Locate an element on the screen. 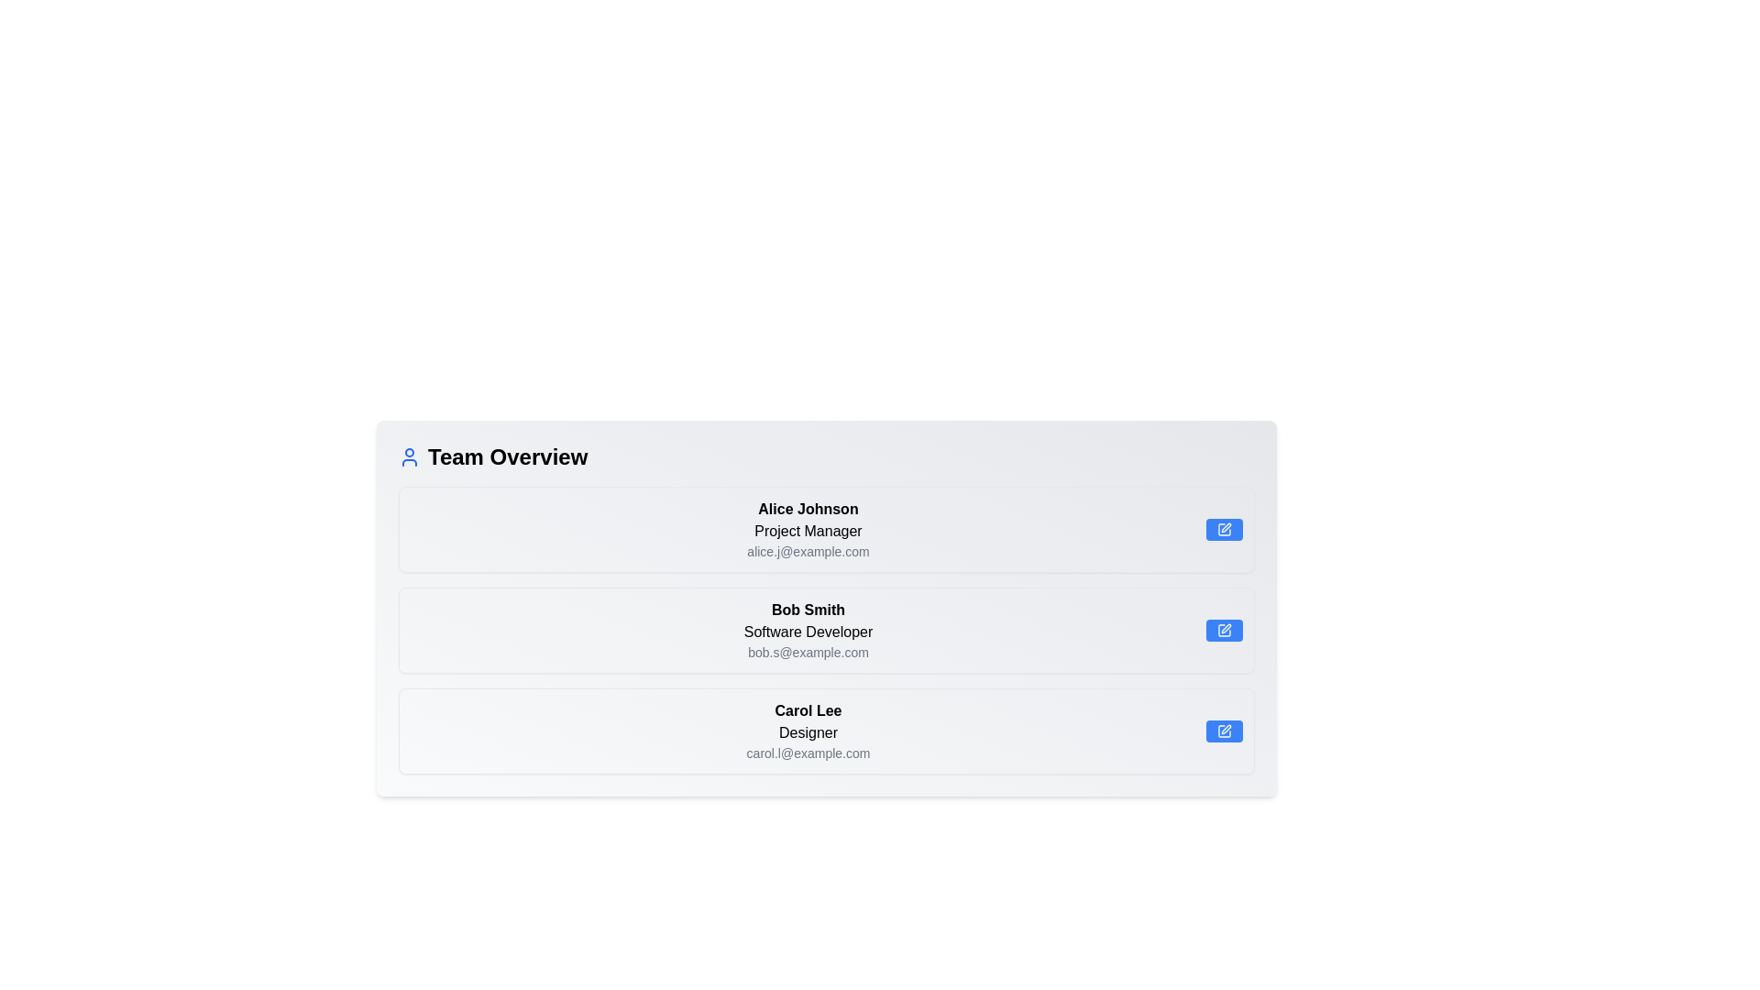  the 'Team Overview' icon, which is the first element in the 'Team Overview' header section, located to the left of the text 'Team Overview' is located at coordinates (408, 456).